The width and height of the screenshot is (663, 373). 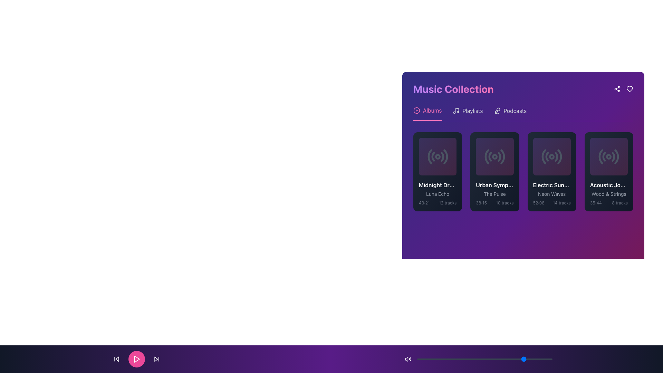 I want to click on the Navigation tab located between the 'Albums' and 'Podcasts' options, so click(x=468, y=113).